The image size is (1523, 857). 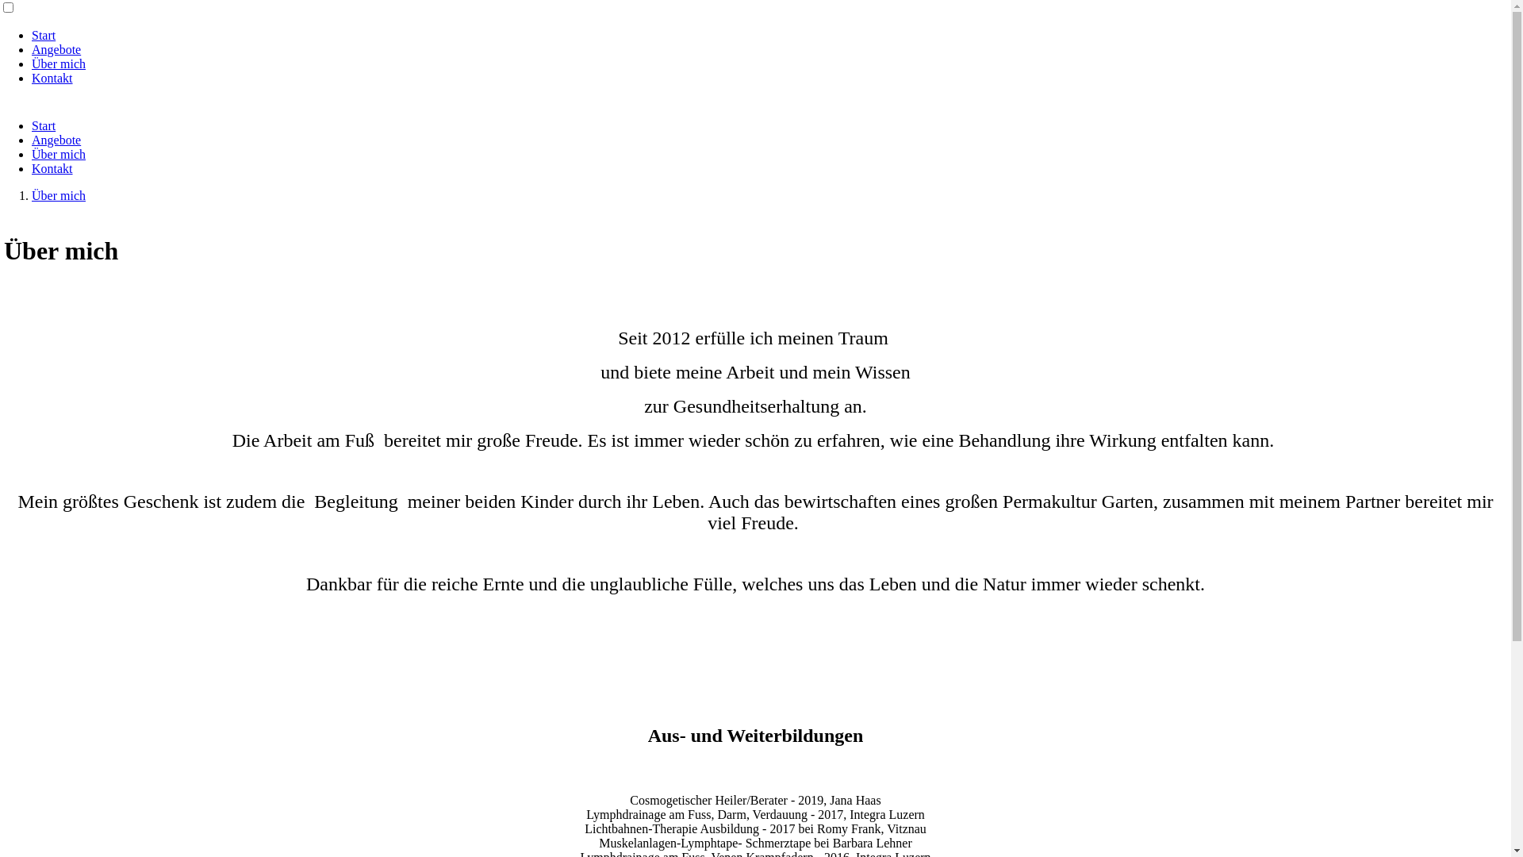 What do you see at coordinates (43, 35) in the screenshot?
I see `'Start'` at bounding box center [43, 35].